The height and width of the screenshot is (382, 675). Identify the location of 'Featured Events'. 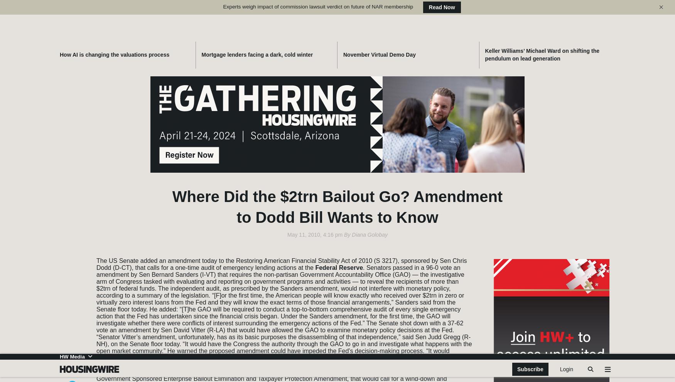
(530, 150).